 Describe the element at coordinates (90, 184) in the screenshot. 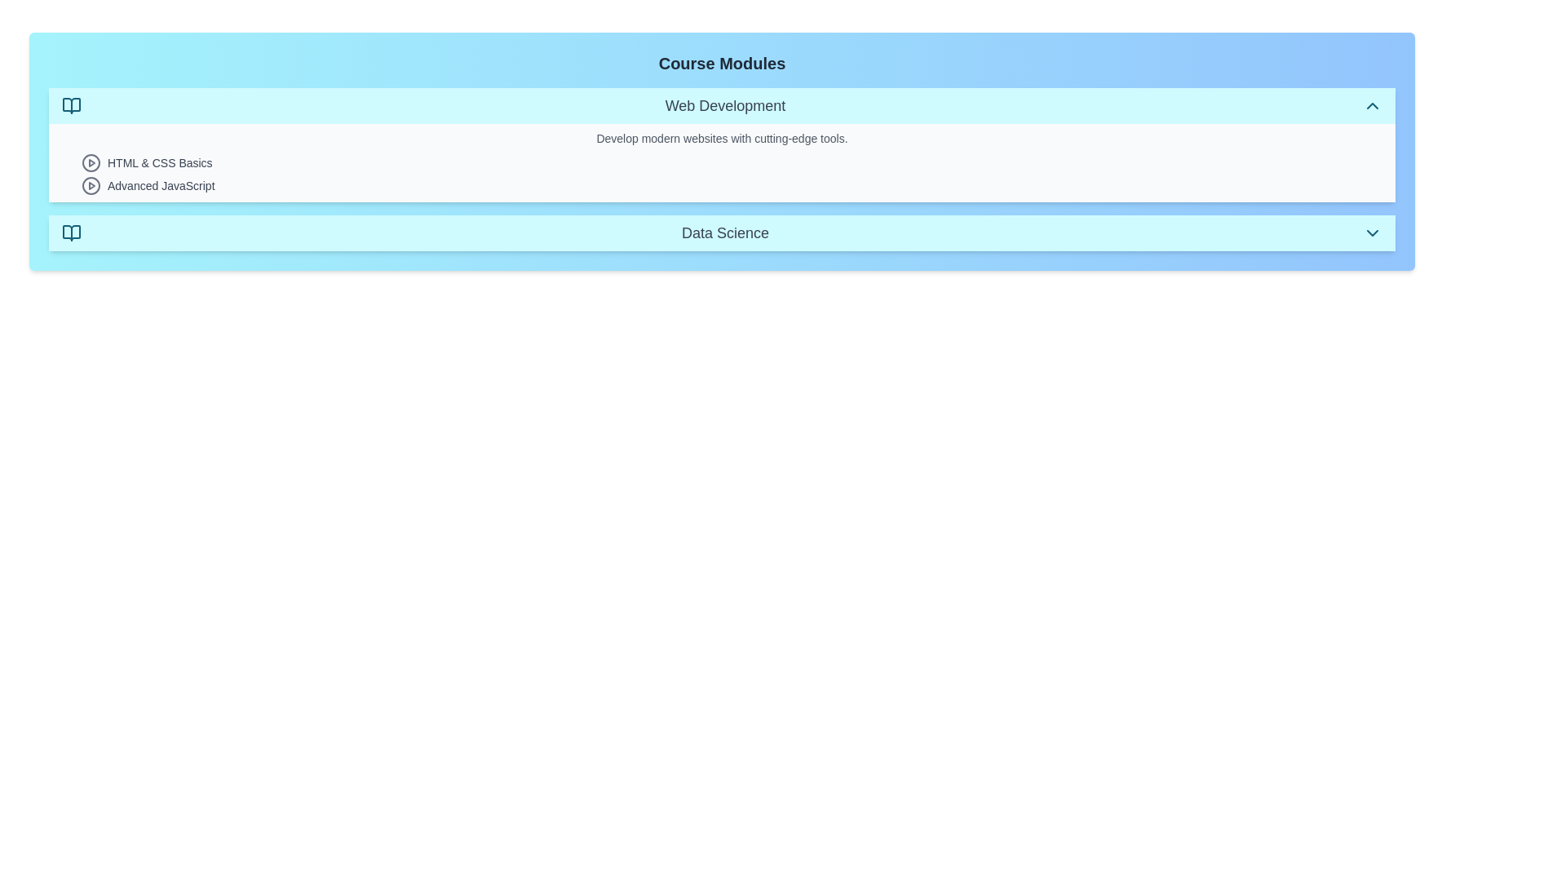

I see `the SVG outline circle that serves as a decorative part of the video play button icon in the 'Advanced JavaScript' item of the 'Web Development' module` at that location.